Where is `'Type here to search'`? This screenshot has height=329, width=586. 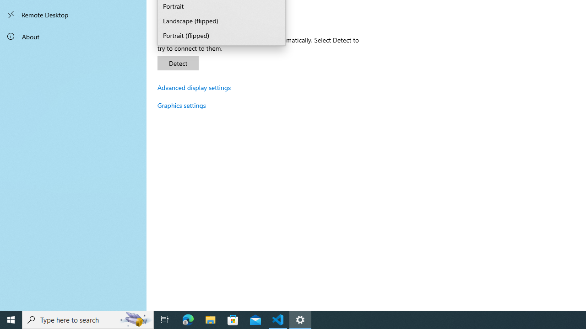 'Type here to search' is located at coordinates (88, 319).